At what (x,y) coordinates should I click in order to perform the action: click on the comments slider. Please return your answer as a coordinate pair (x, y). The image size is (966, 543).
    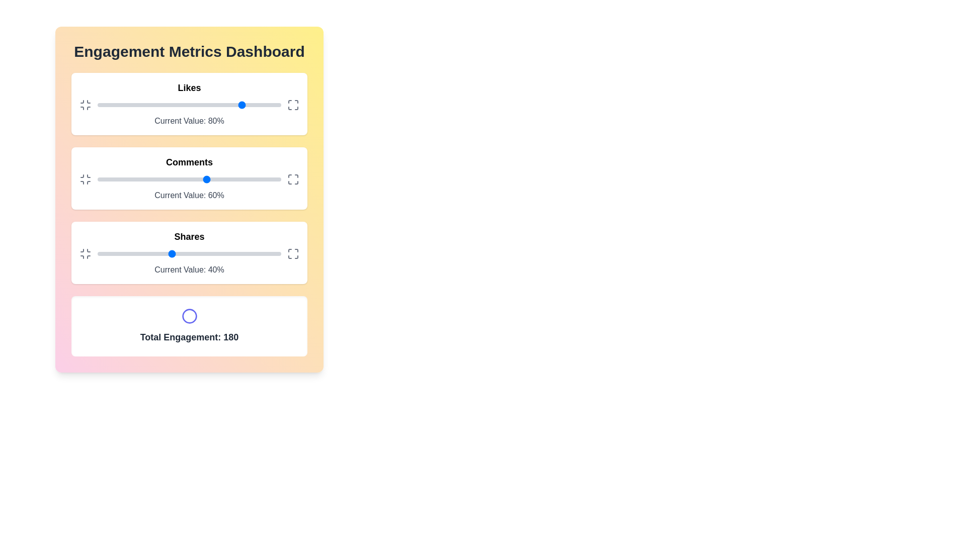
    Looking at the image, I should click on (155, 179).